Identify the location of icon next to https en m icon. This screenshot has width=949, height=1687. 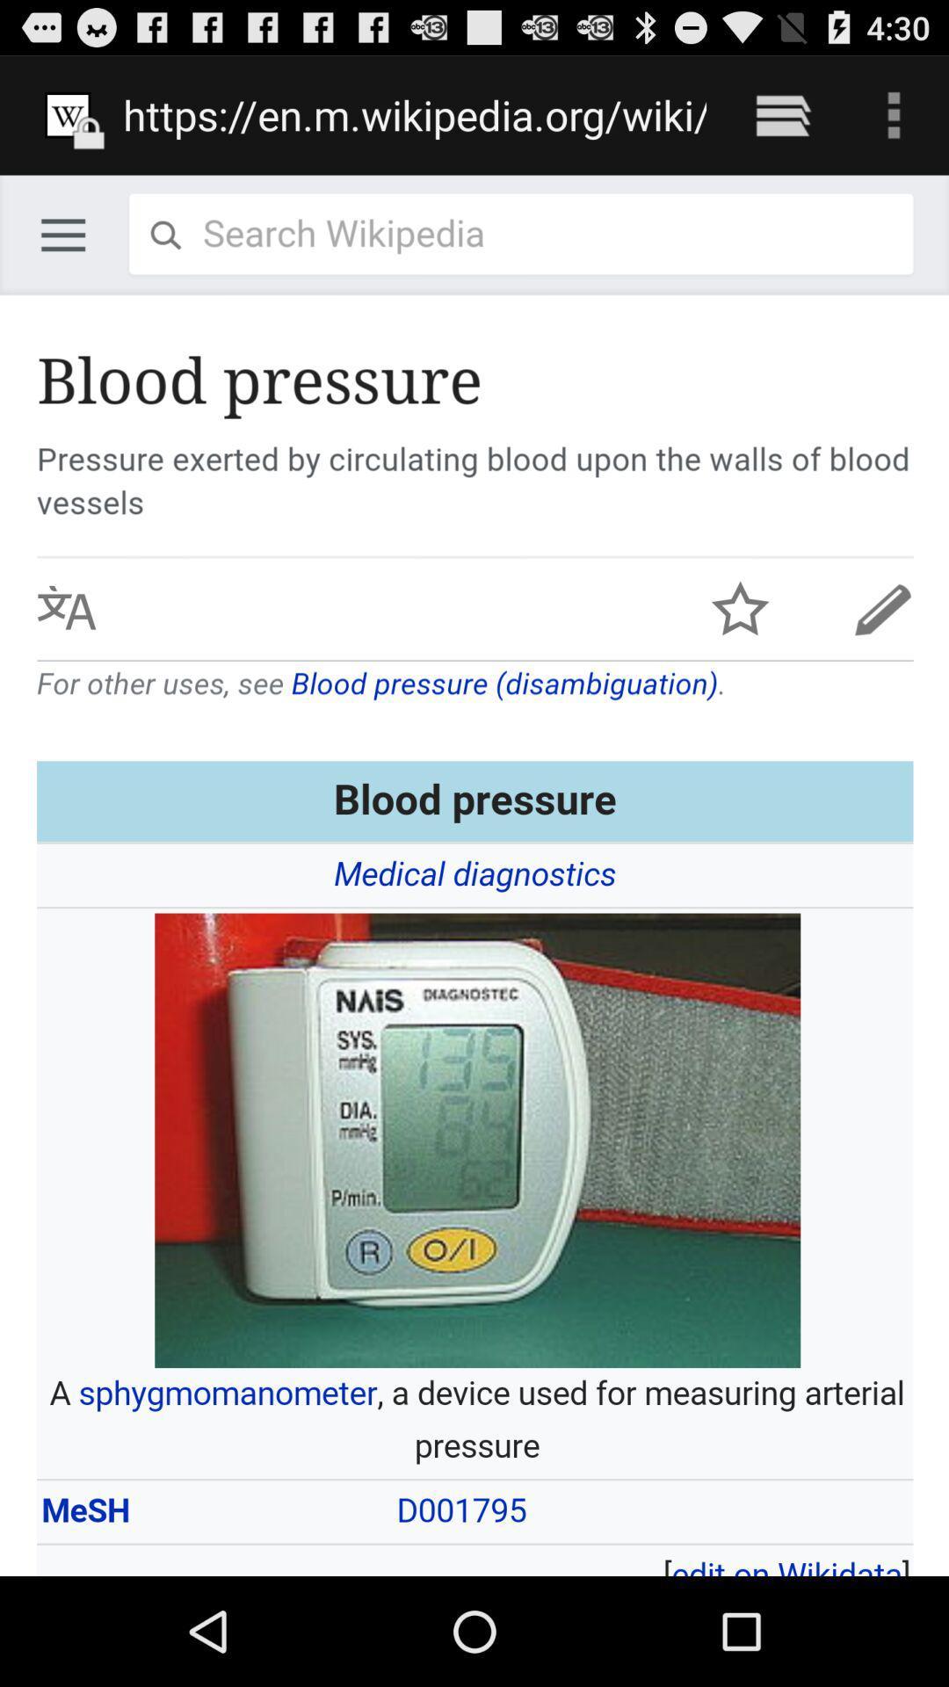
(782, 114).